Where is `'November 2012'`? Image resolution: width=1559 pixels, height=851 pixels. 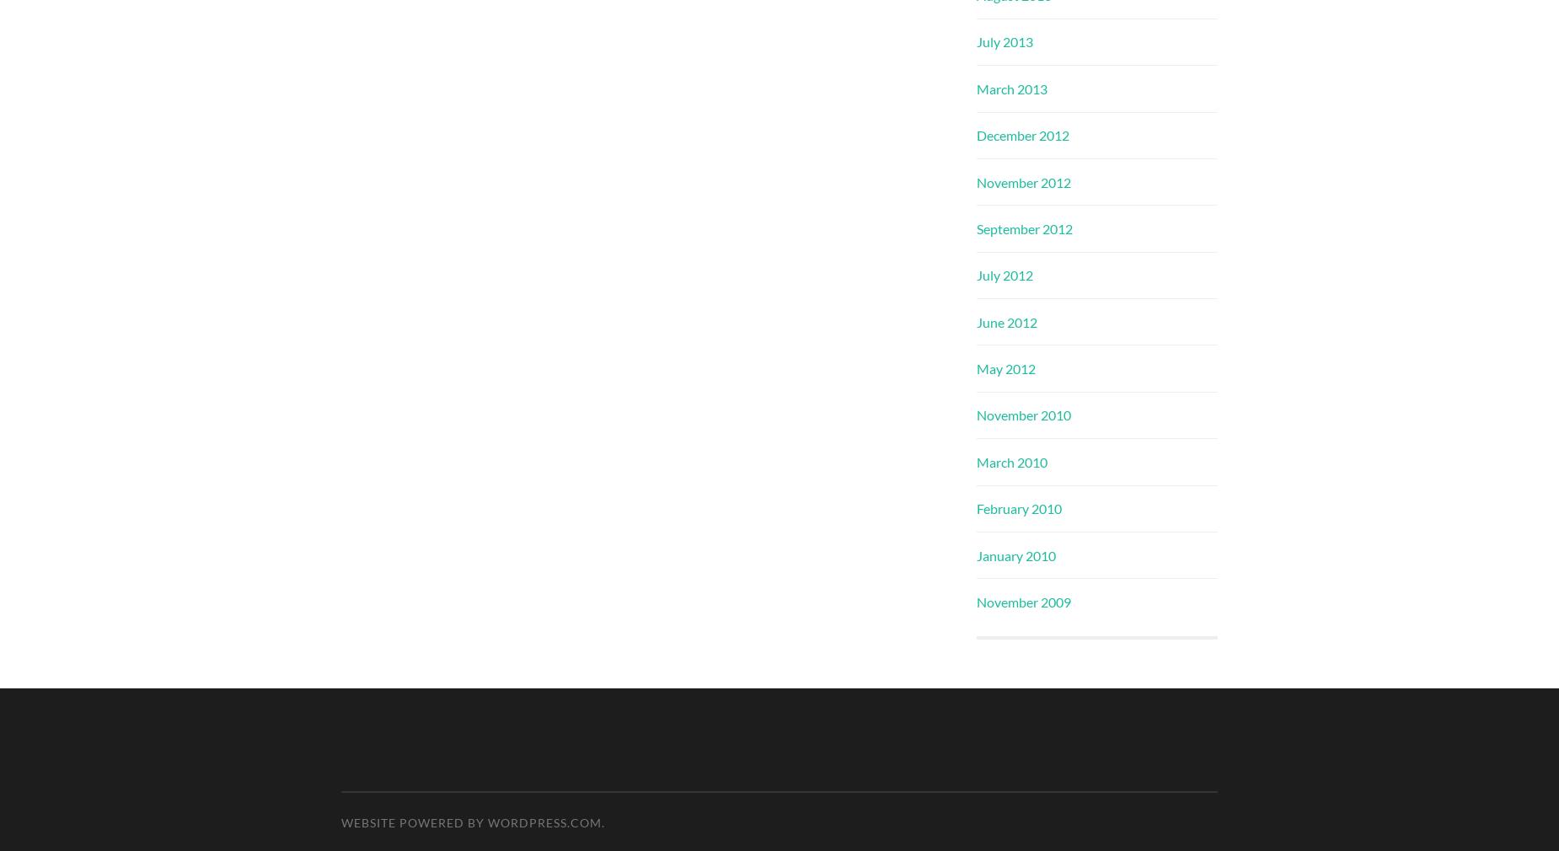
'November 2012' is located at coordinates (1023, 180).